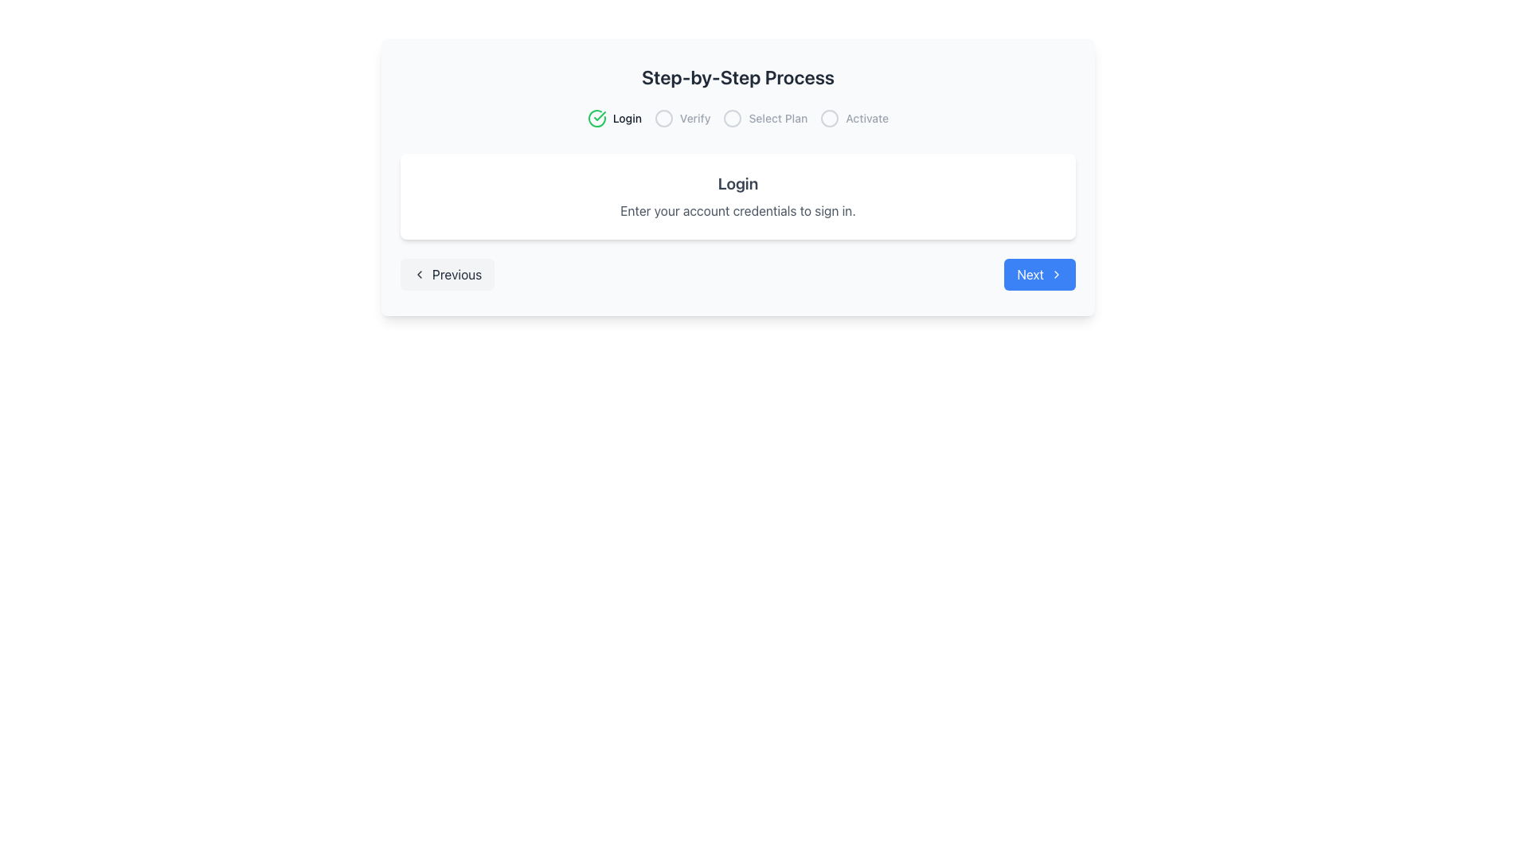 The image size is (1529, 860). I want to click on the 'Activate' step indicator icon, which is the fourth in a horizontal set of icons located in the upper center of the interface, so click(829, 118).